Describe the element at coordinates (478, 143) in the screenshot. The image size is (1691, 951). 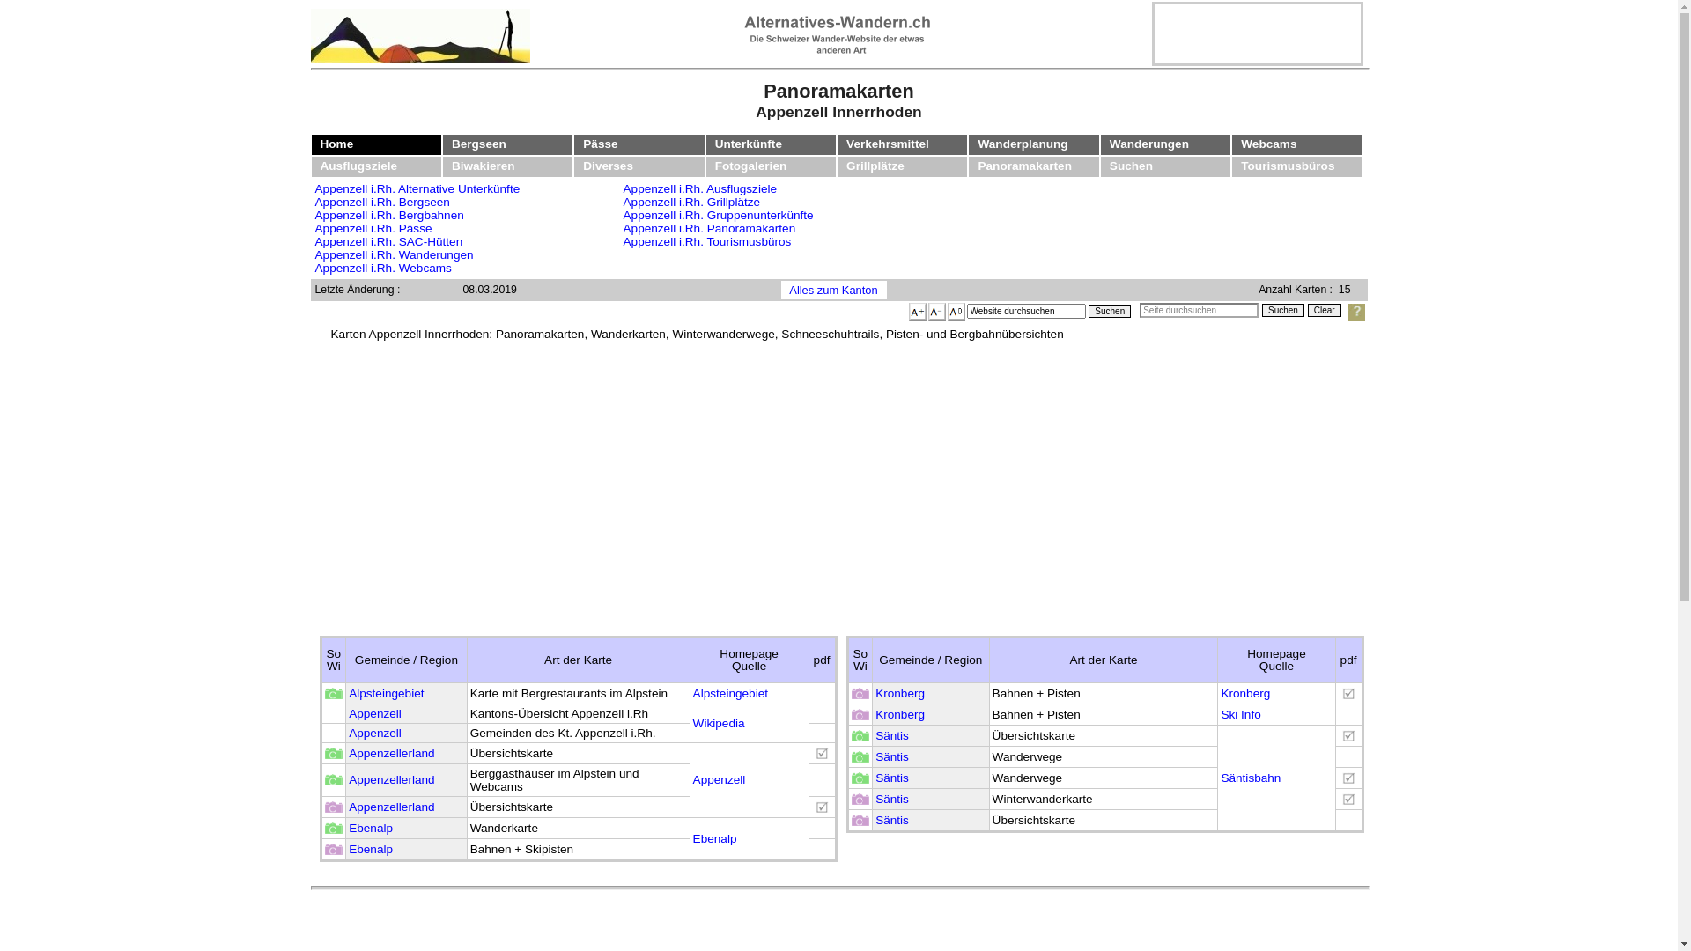
I see `'Bergseen'` at that location.